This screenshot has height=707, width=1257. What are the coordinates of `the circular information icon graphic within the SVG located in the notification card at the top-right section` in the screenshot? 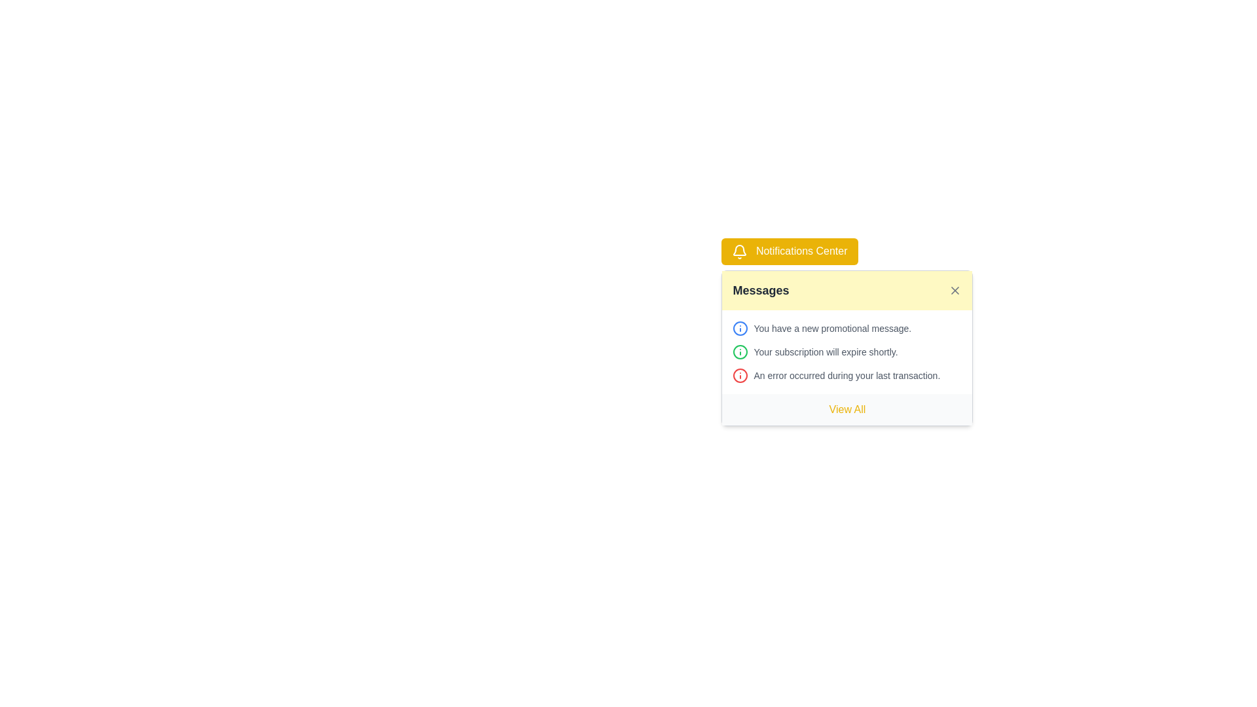 It's located at (740, 375).